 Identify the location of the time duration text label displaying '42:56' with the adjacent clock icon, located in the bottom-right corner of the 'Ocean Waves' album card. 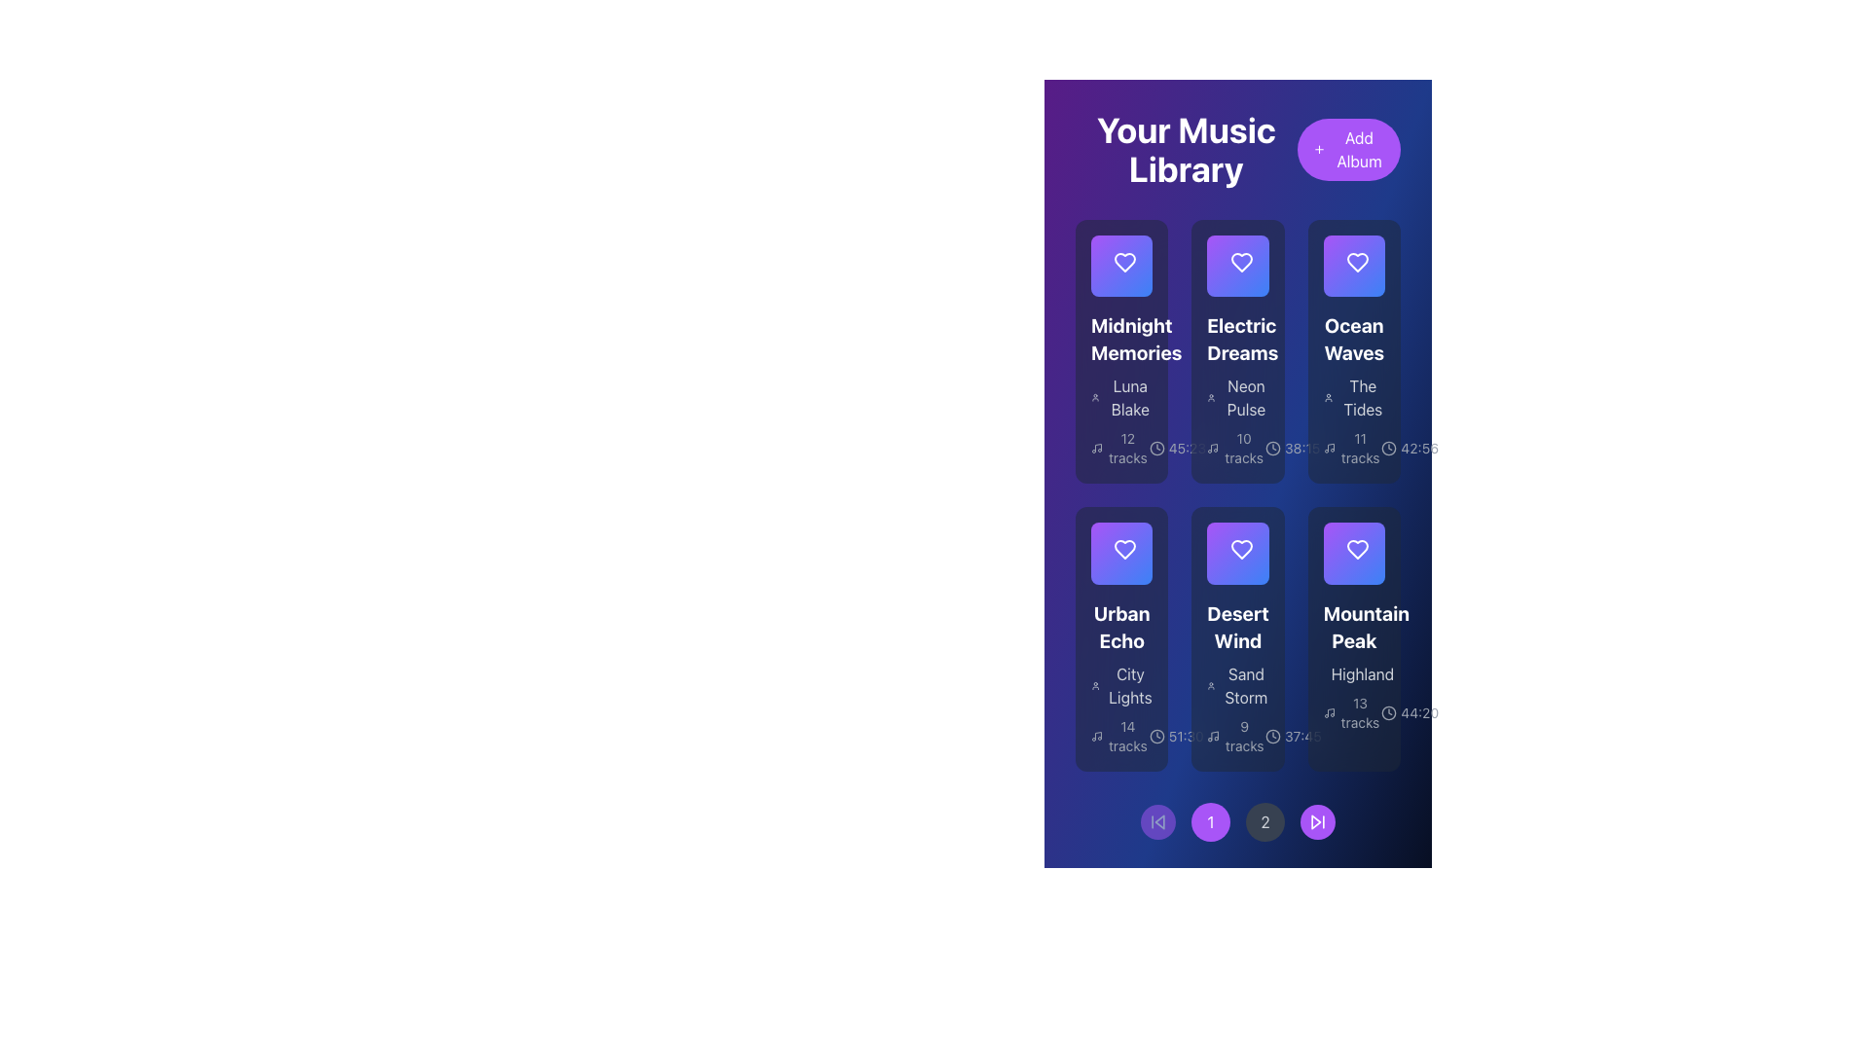
(1410, 449).